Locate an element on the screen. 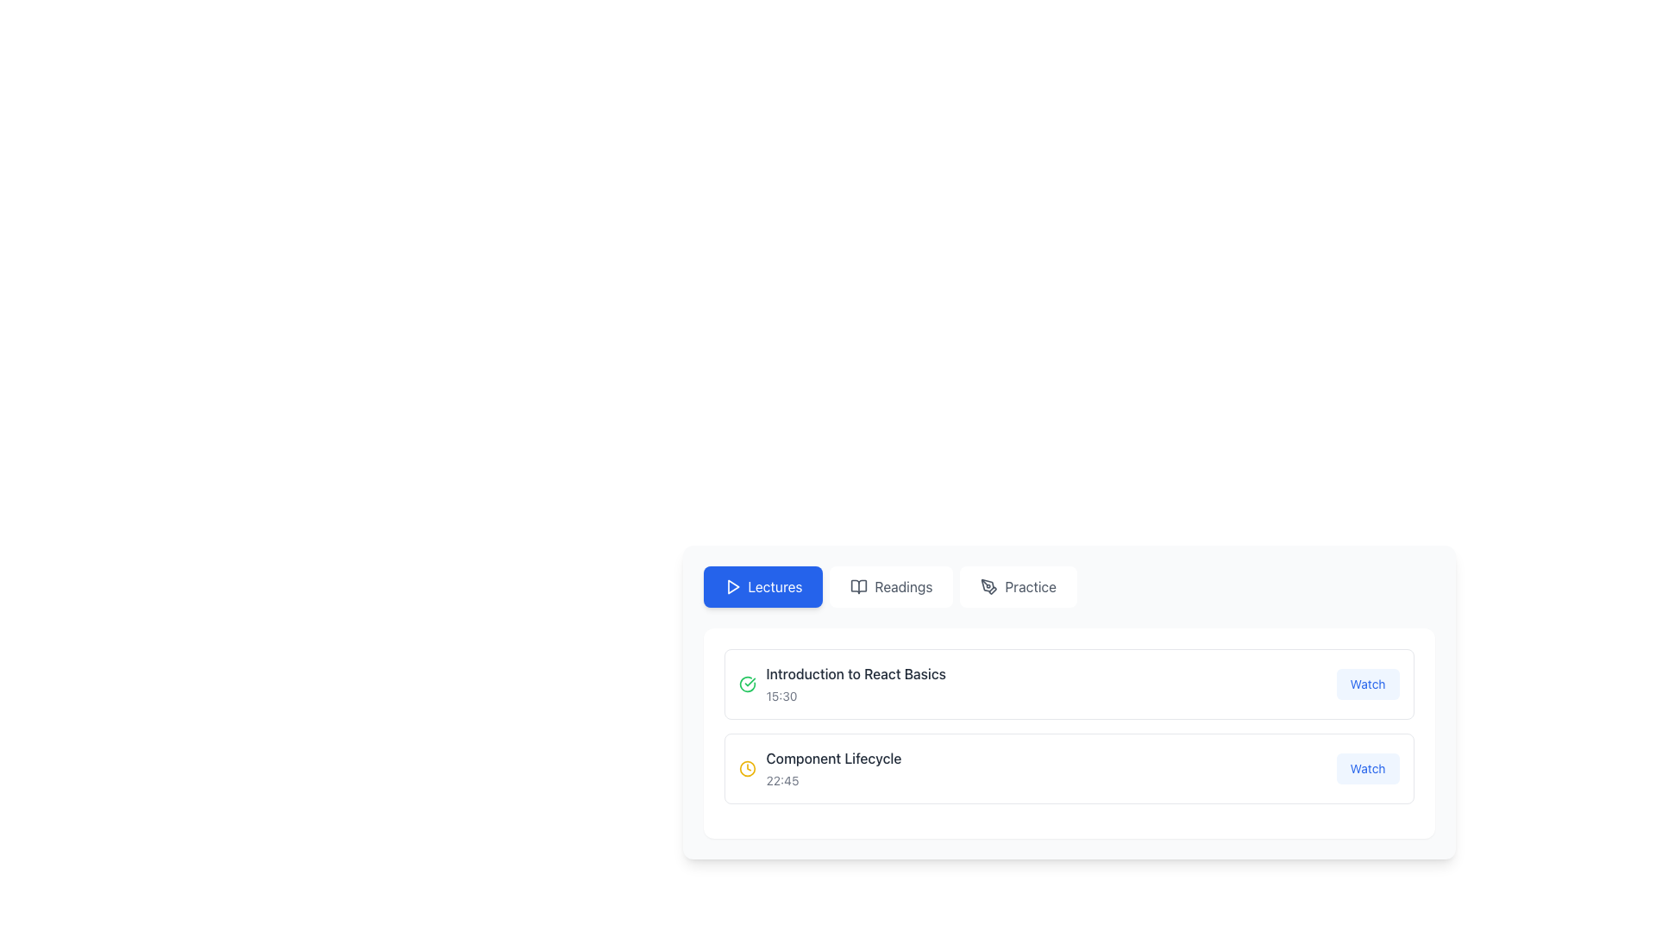 This screenshot has width=1656, height=931. the 'Practice' button, which has a white background and gray text with a pen tool icon, located in the top center of its section is located at coordinates (1019, 586).